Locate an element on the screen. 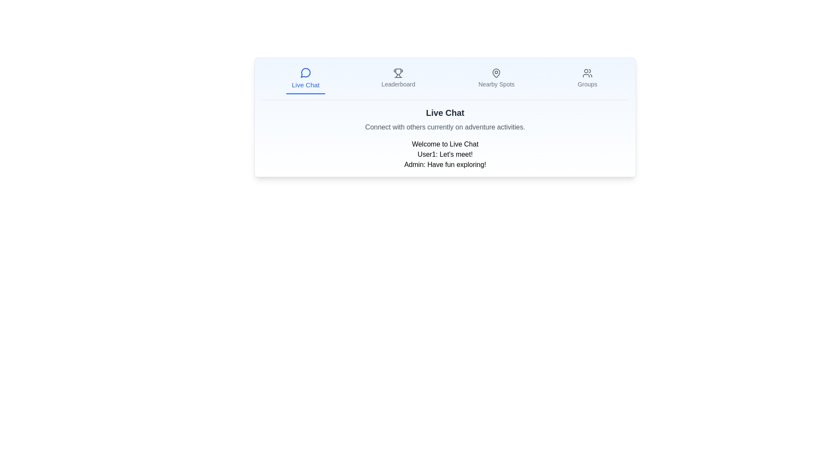 The height and width of the screenshot is (460, 818). admin's chat message displayed in the chat log, which is the second message below 'User1: Let's meet!' in the 'Live Chat' section is located at coordinates (445, 164).